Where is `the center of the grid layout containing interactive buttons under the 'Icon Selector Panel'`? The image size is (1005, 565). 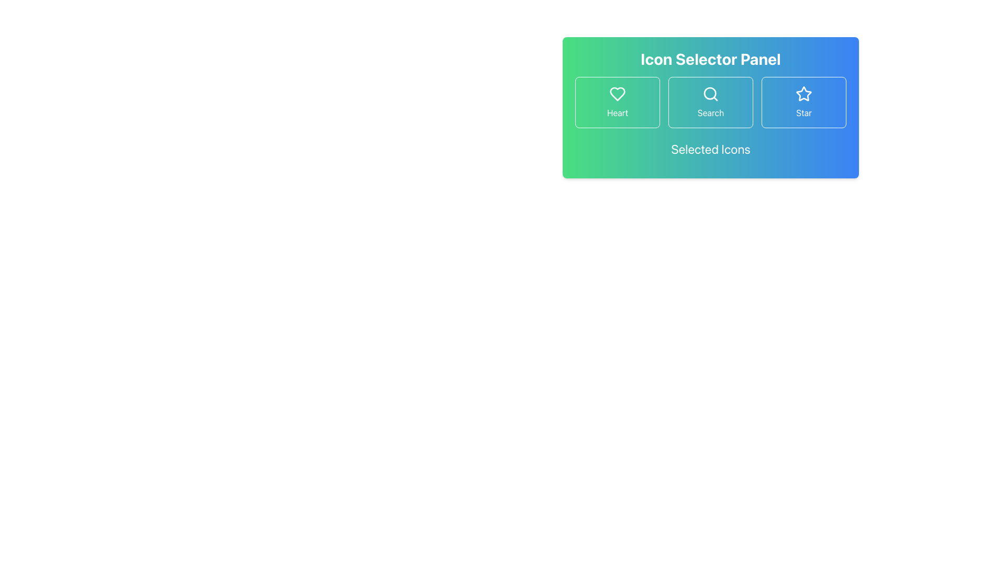
the center of the grid layout containing interactive buttons under the 'Icon Selector Panel' is located at coordinates (711, 103).